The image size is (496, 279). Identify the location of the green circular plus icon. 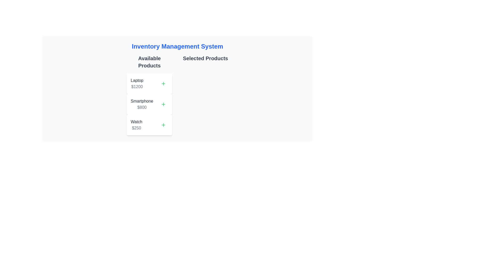
(163, 125).